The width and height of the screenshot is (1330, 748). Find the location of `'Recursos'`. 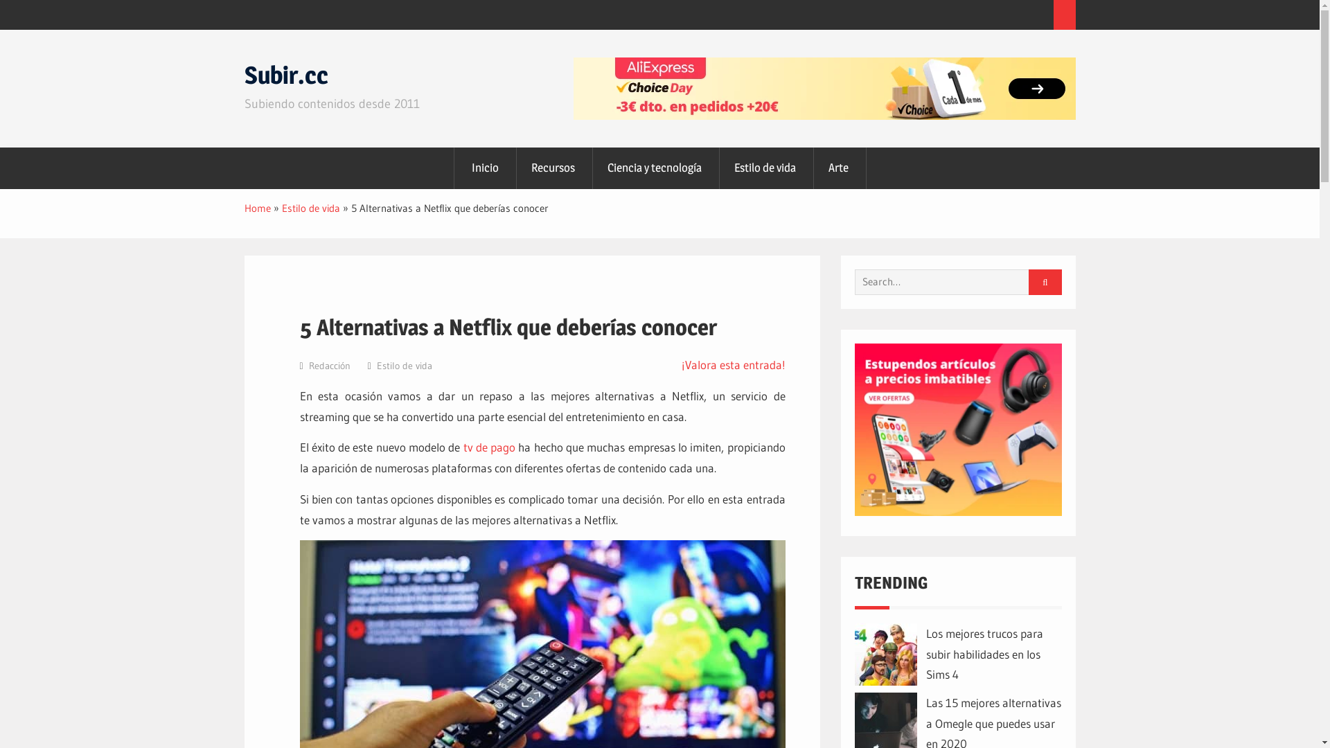

'Recursos' is located at coordinates (552, 168).